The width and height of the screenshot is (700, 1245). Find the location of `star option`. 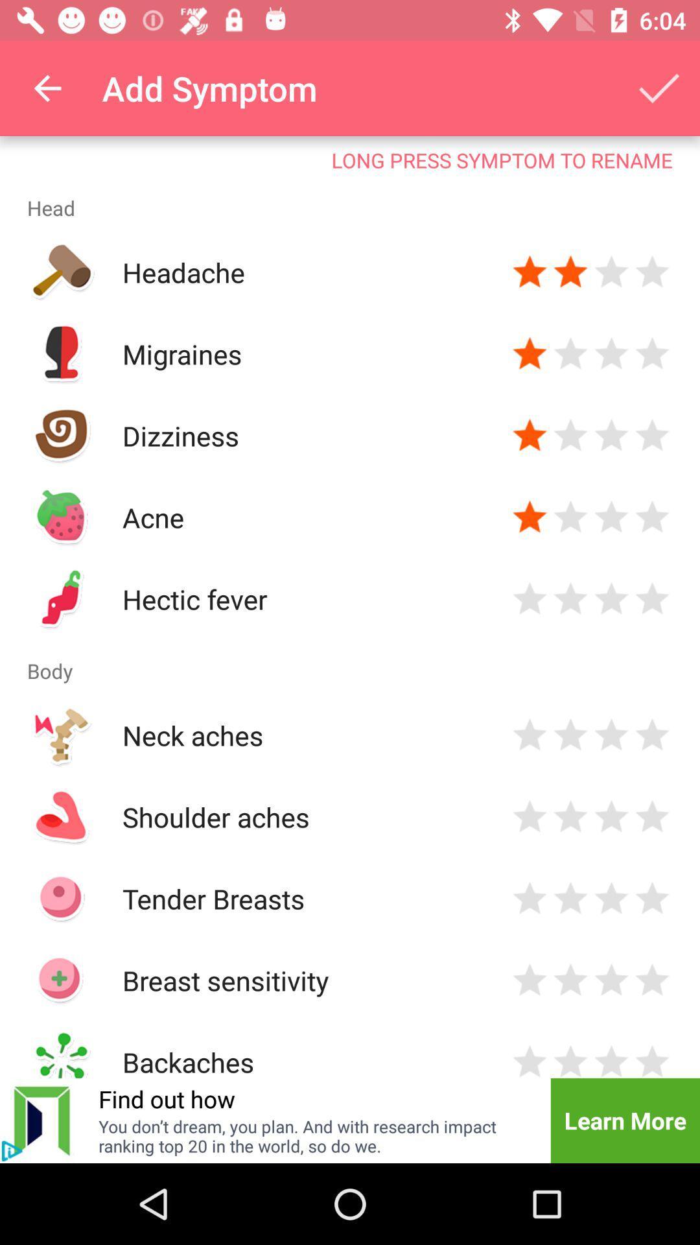

star option is located at coordinates (652, 898).